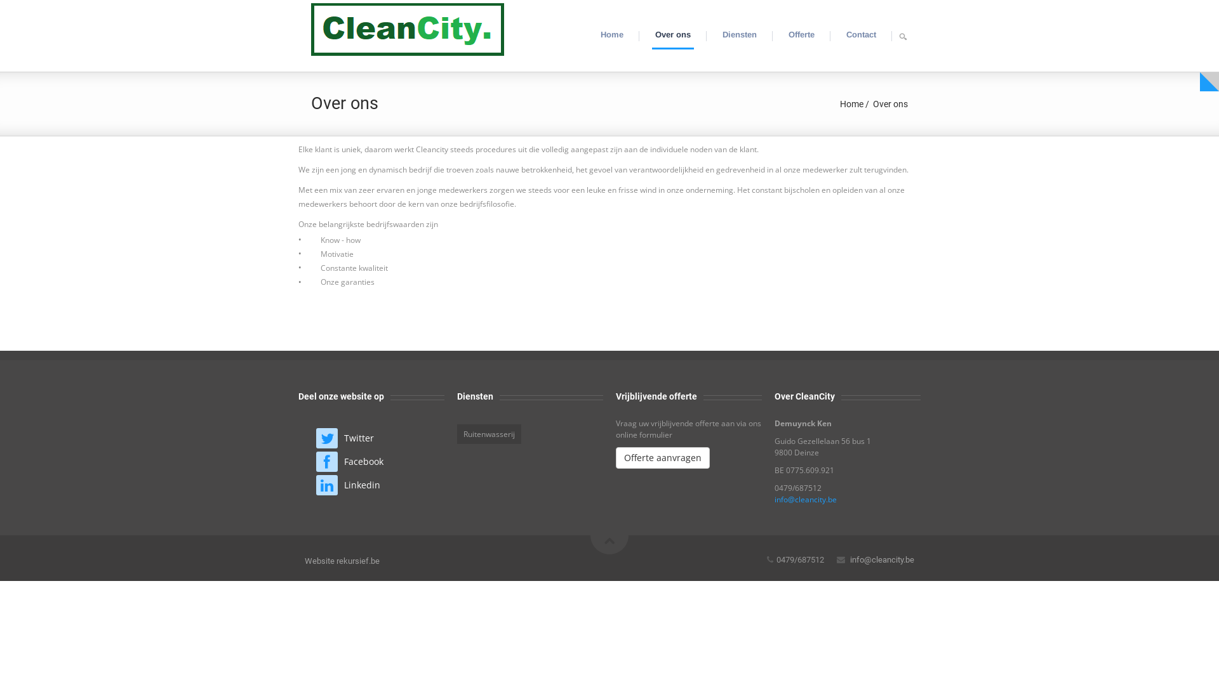 This screenshot has height=685, width=1219. I want to click on 'Over ons', so click(672, 35).